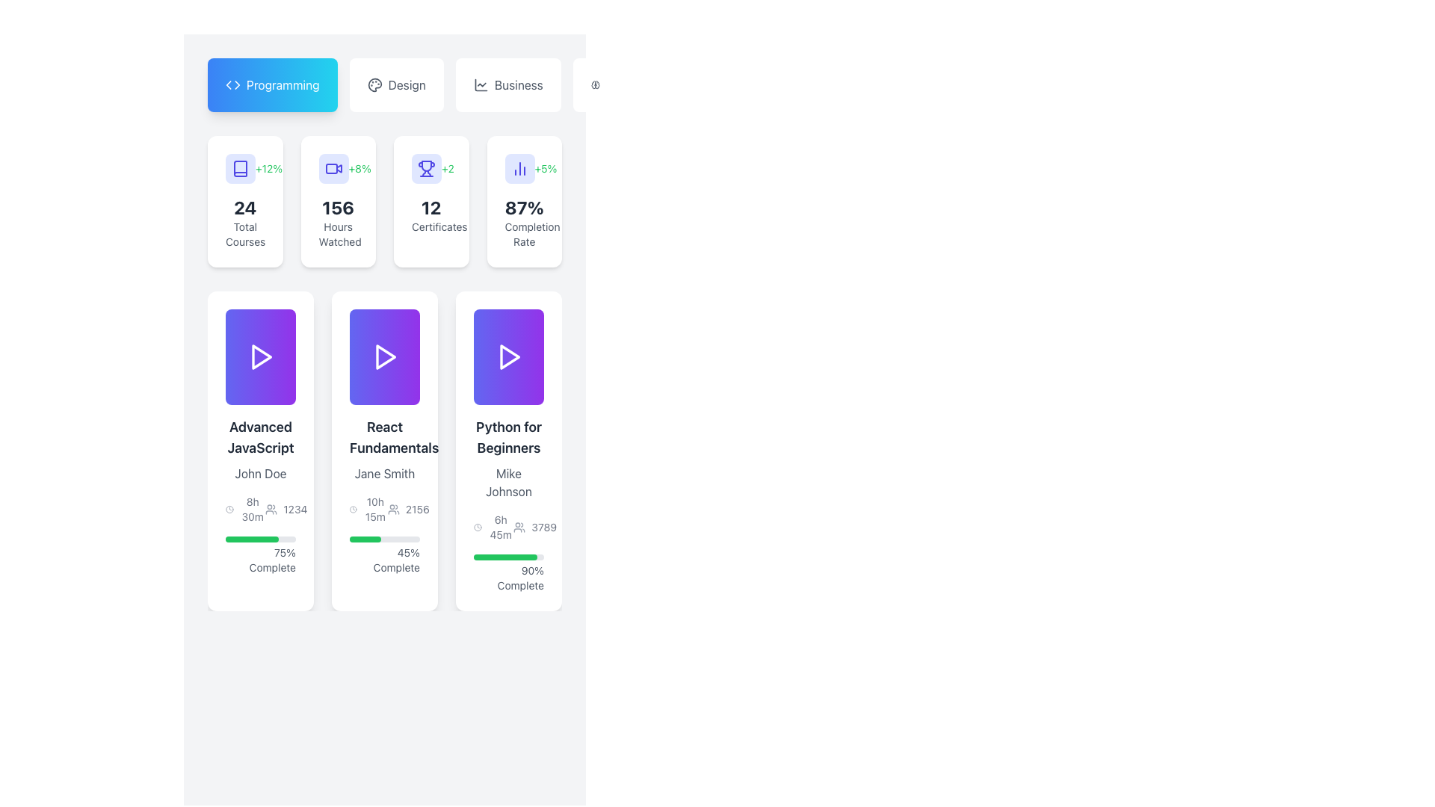 Image resolution: width=1435 pixels, height=807 pixels. Describe the element at coordinates (481, 85) in the screenshot. I see `the visual representation of the 'Business' SVG icon located within the 'Business' button at the top of the user interface` at that location.